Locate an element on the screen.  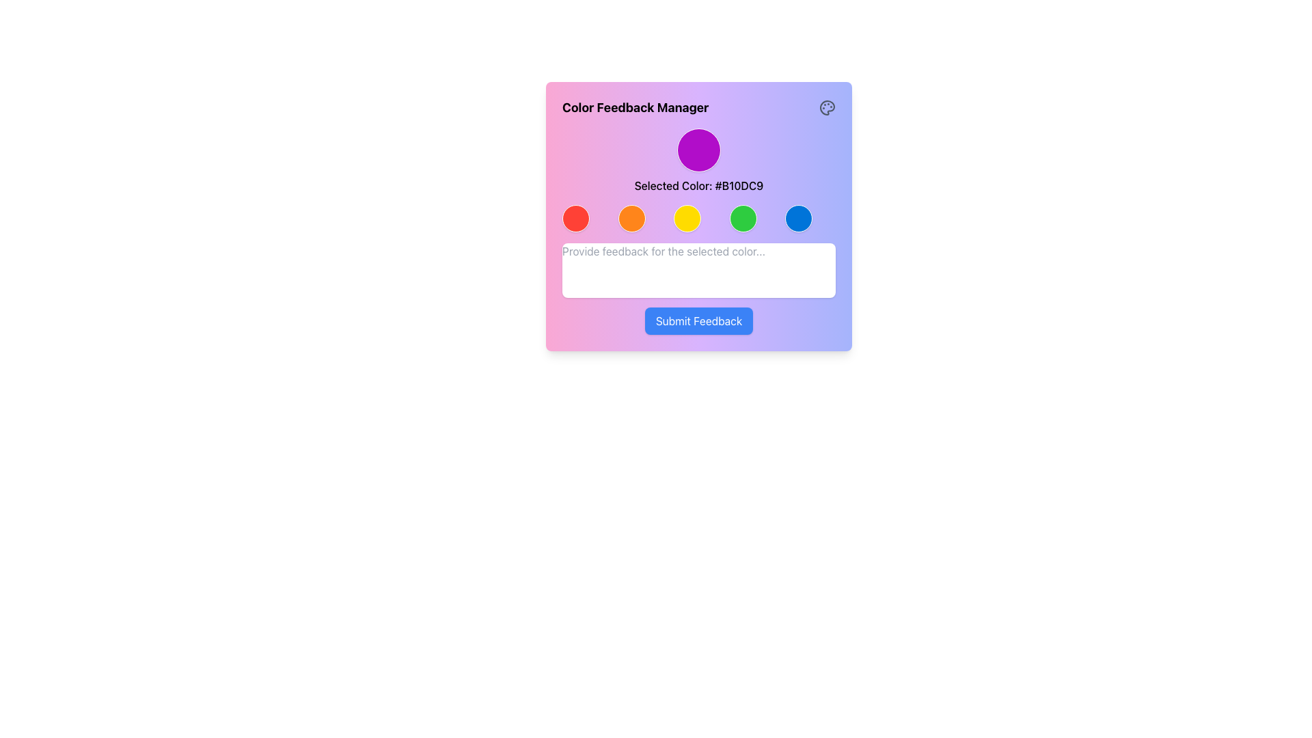
the circular green button with a smooth gradient background and a white outline is located at coordinates (742, 218).